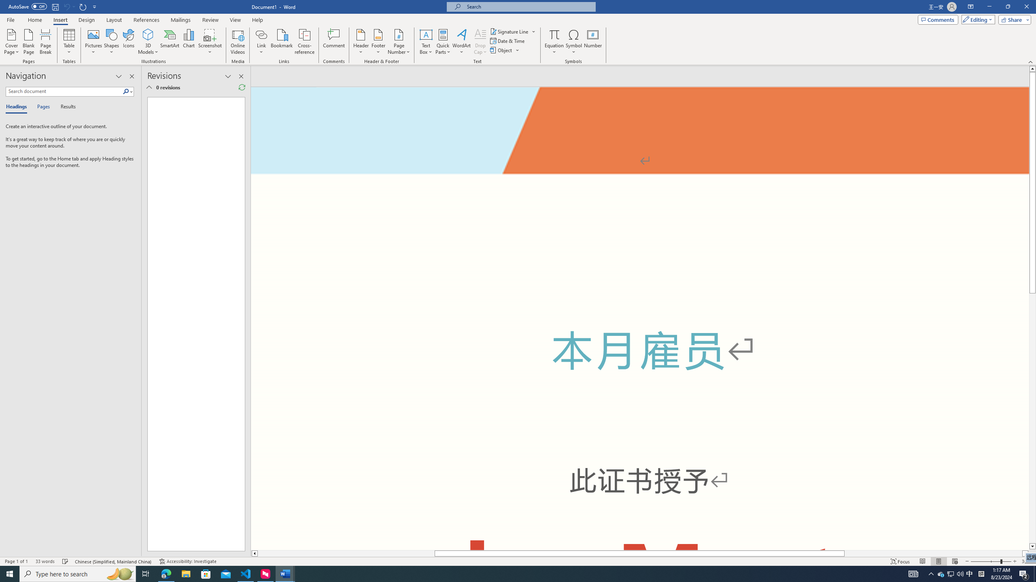 The height and width of the screenshot is (582, 1036). Describe the element at coordinates (592, 42) in the screenshot. I see `'Number...'` at that location.